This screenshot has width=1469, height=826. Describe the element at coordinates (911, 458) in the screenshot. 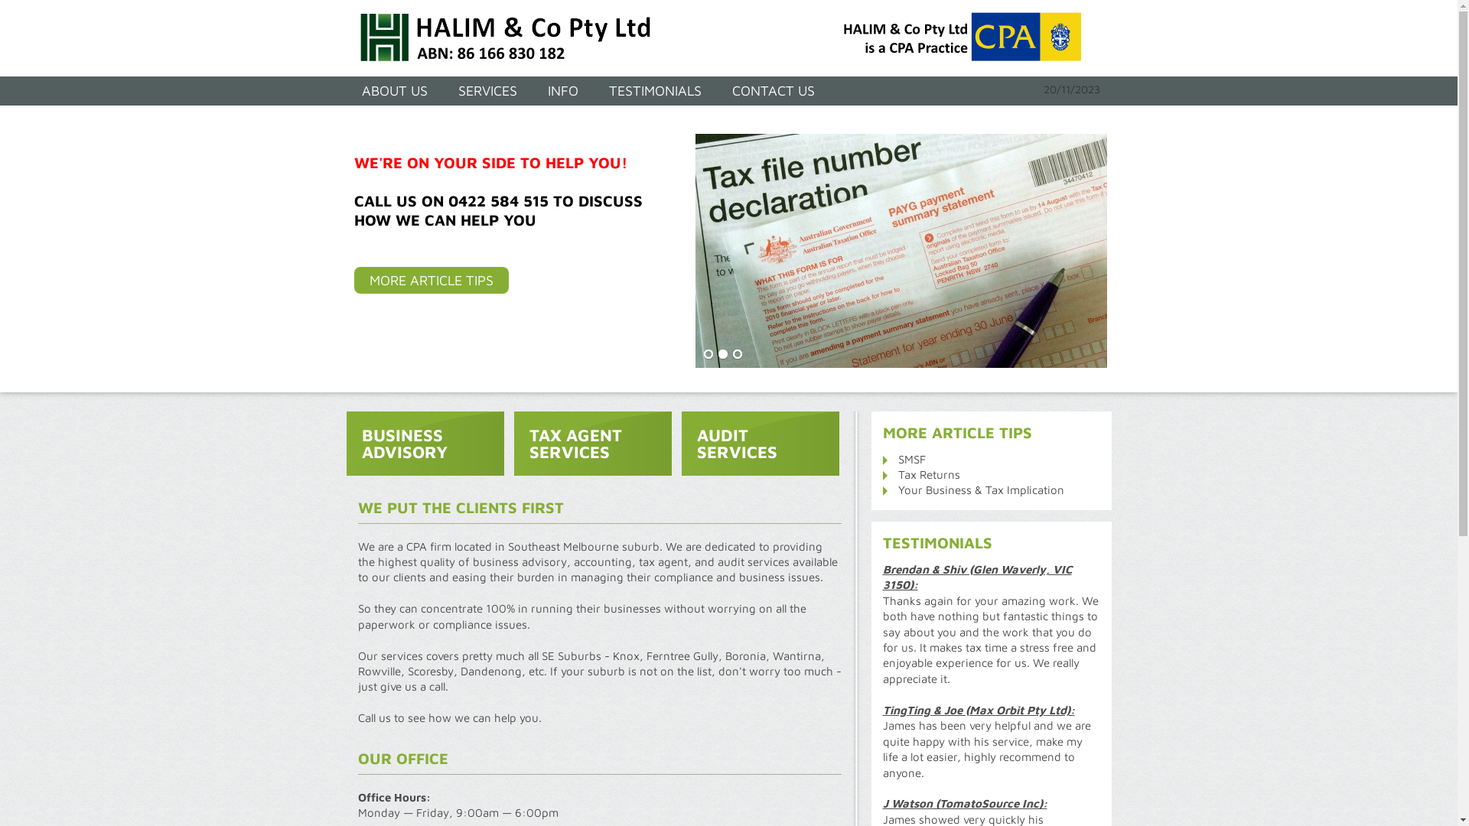

I see `'SMSF'` at that location.